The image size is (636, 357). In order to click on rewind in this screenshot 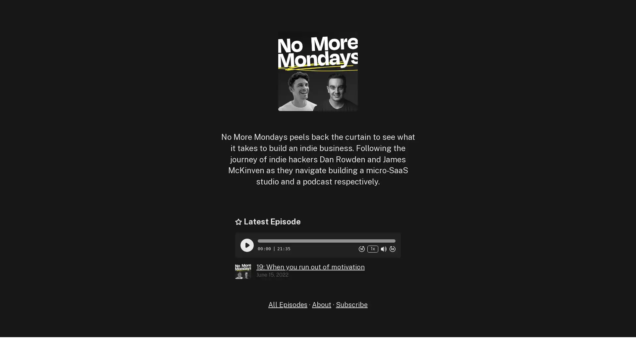, I will do `click(361, 249)`.